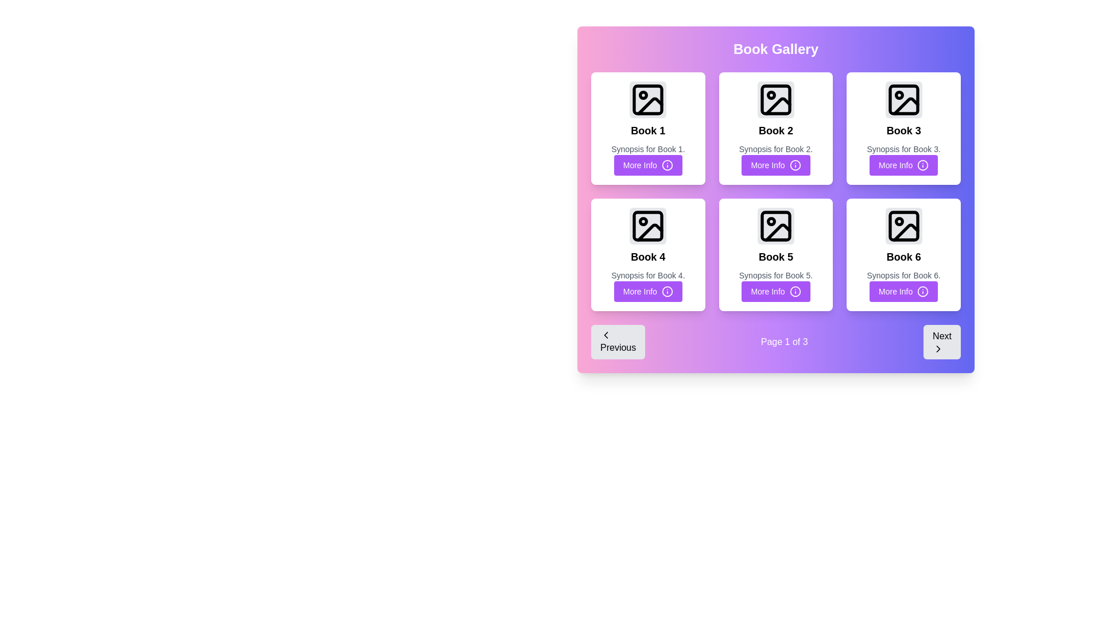  Describe the element at coordinates (903, 291) in the screenshot. I see `the button located at the bottom section of the 'Book 6' card to check for additional interactions` at that location.